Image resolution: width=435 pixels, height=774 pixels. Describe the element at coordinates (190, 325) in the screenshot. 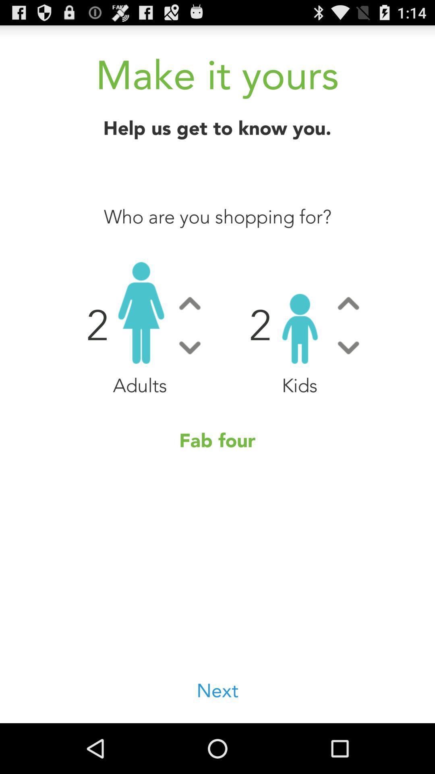

I see `the expand_less icon` at that location.